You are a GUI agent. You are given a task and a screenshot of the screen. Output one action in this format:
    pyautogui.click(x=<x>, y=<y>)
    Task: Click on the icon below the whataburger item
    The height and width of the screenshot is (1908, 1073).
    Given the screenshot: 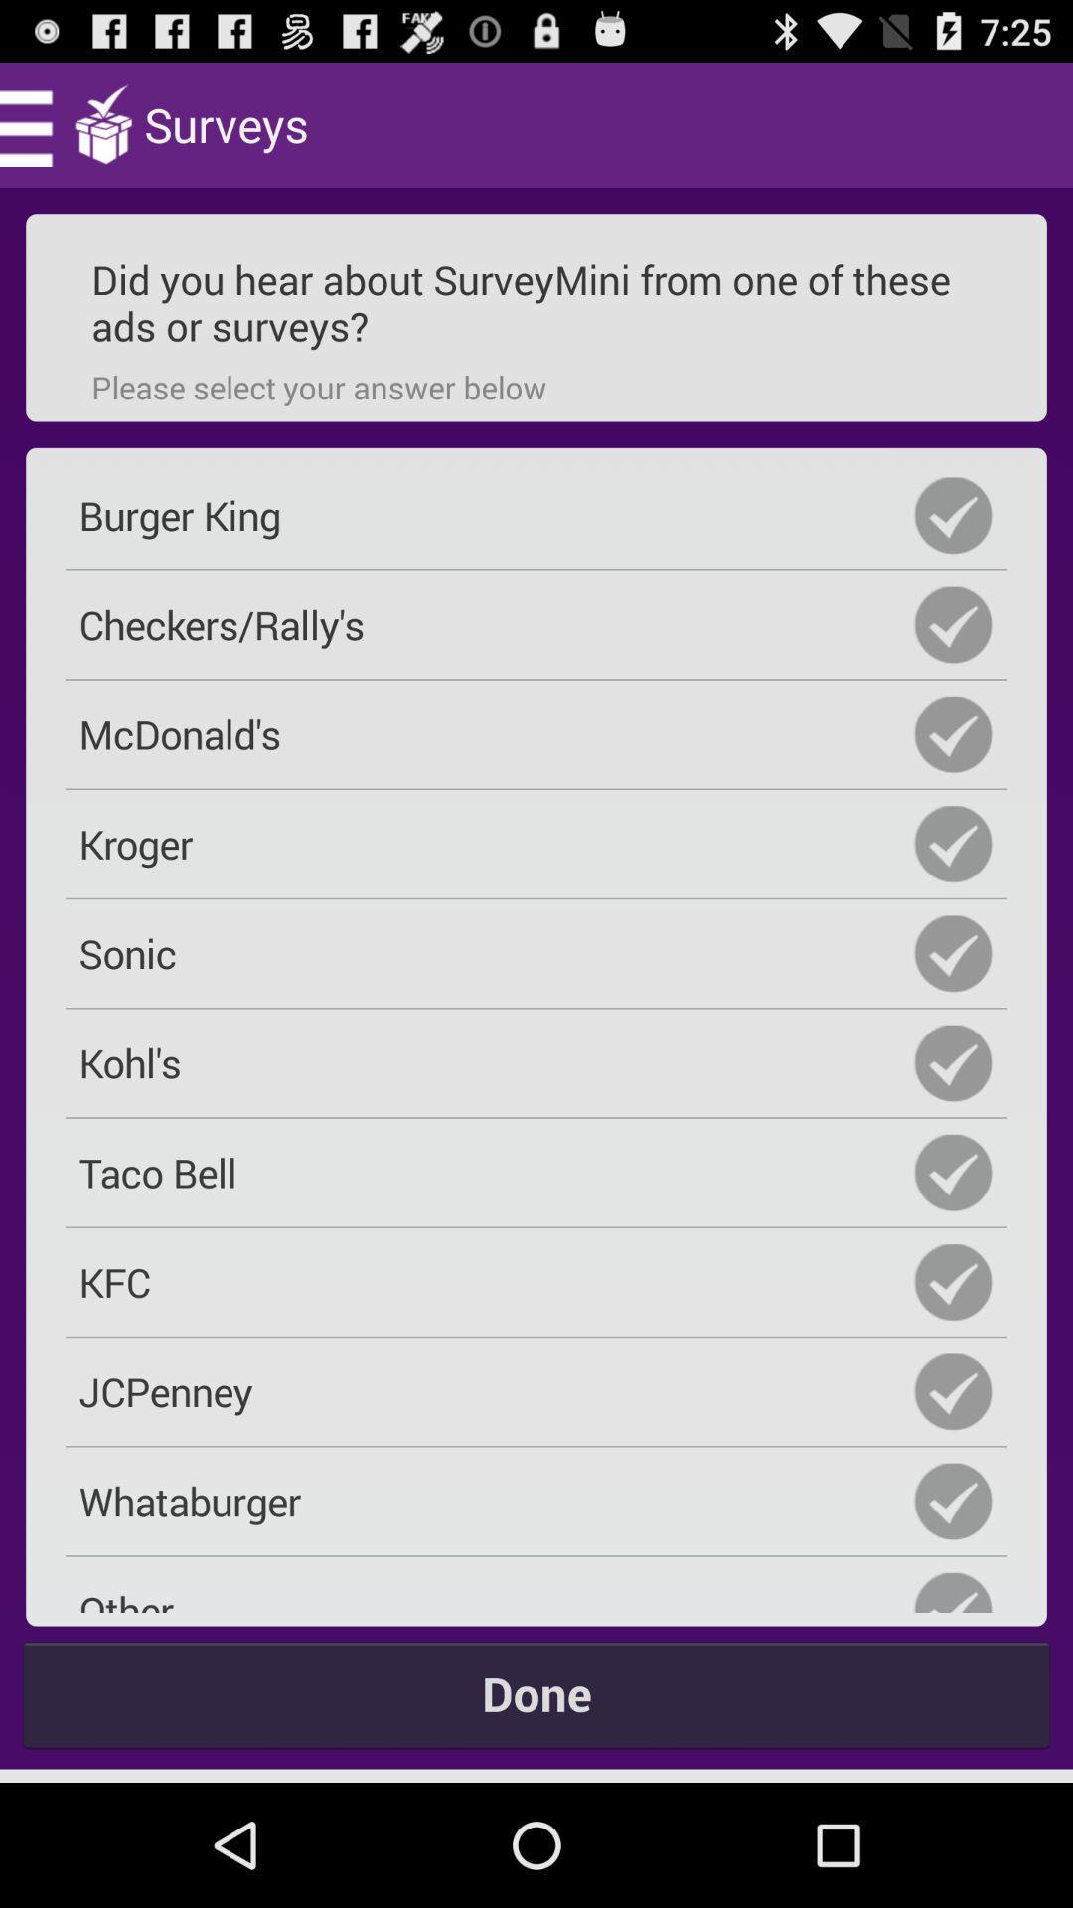 What is the action you would take?
    pyautogui.click(x=536, y=1591)
    